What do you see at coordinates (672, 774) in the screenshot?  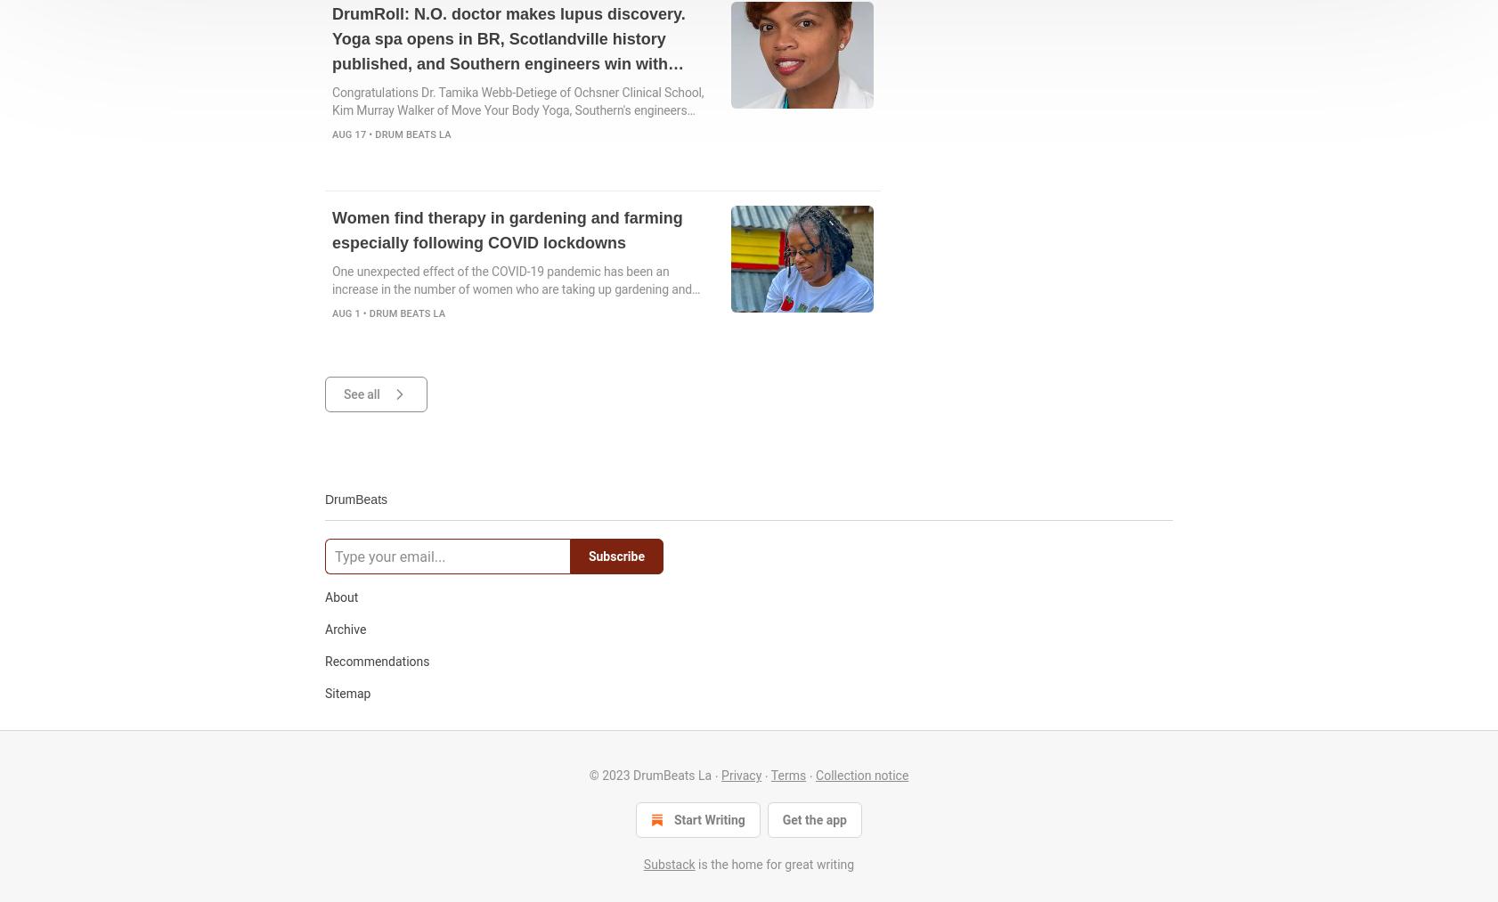 I see `'DrumBeats La'` at bounding box center [672, 774].